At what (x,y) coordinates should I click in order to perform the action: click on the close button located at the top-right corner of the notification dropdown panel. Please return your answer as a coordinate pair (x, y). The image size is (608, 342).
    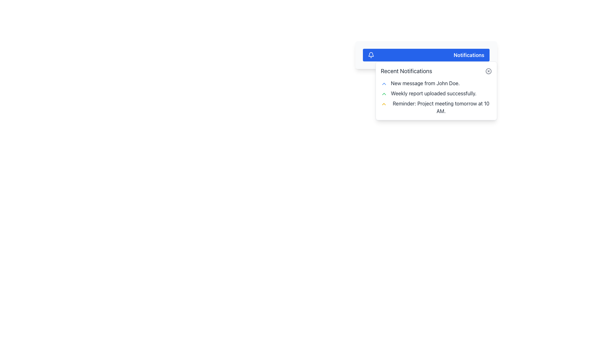
    Looking at the image, I should click on (488, 71).